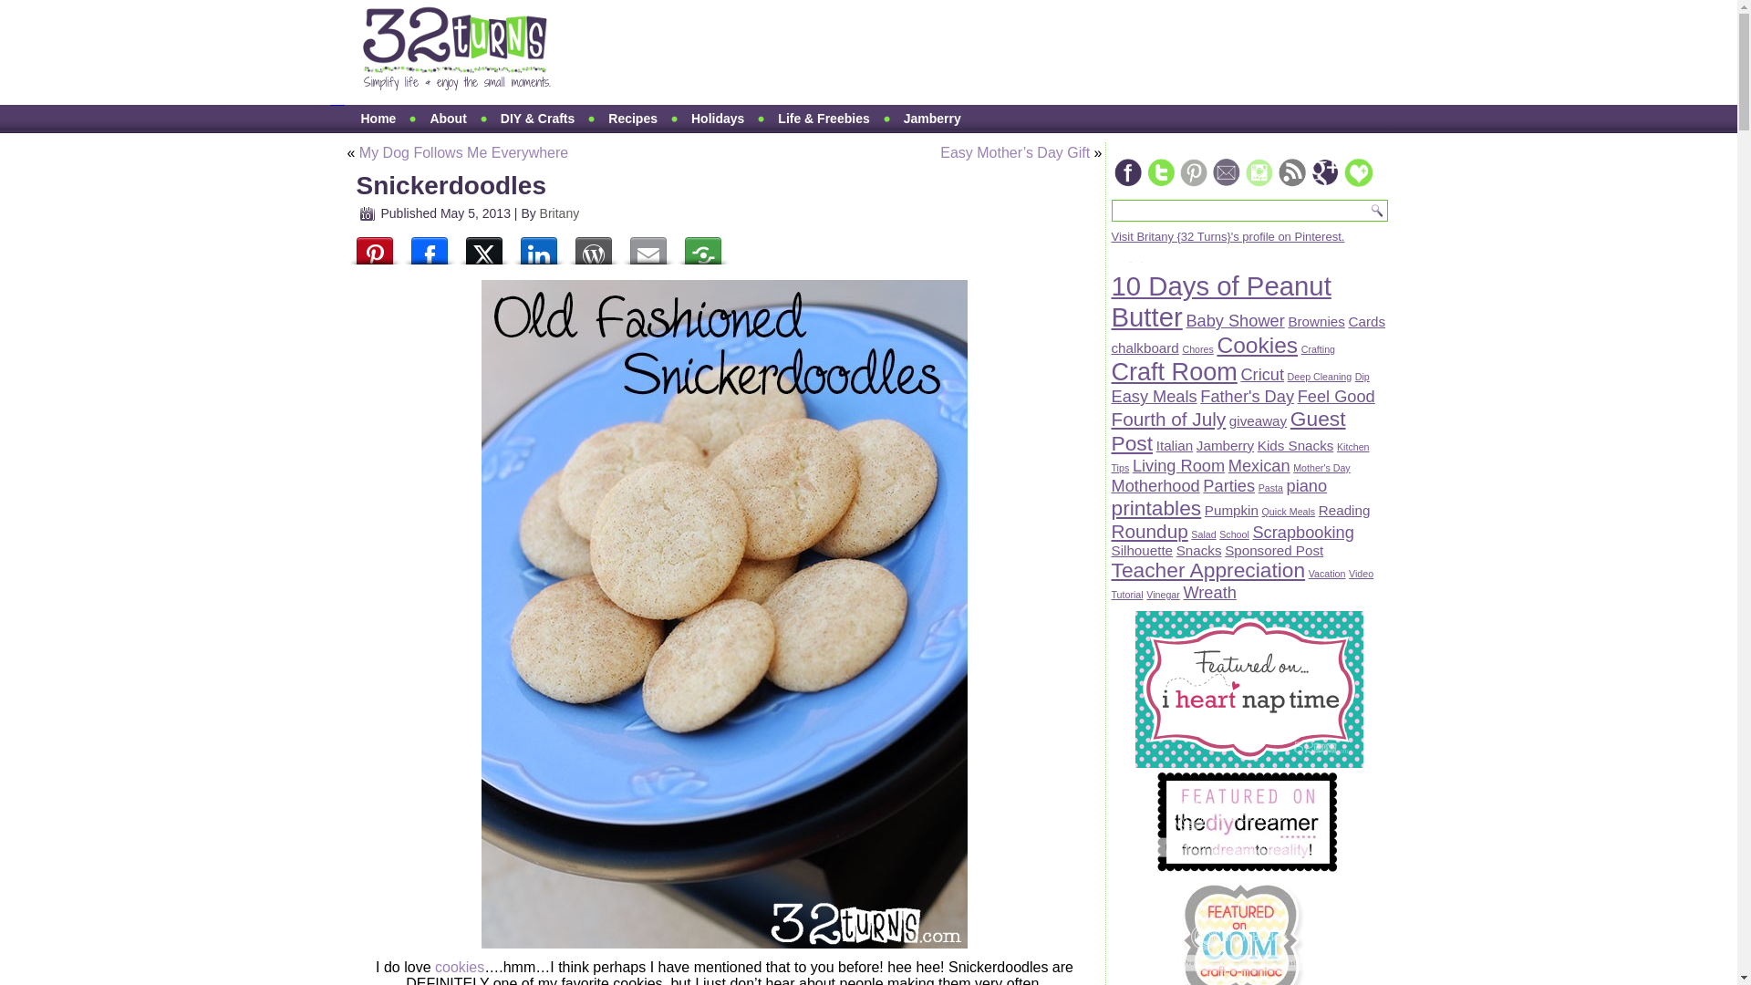  What do you see at coordinates (1204, 510) in the screenshot?
I see `'Pumpkin'` at bounding box center [1204, 510].